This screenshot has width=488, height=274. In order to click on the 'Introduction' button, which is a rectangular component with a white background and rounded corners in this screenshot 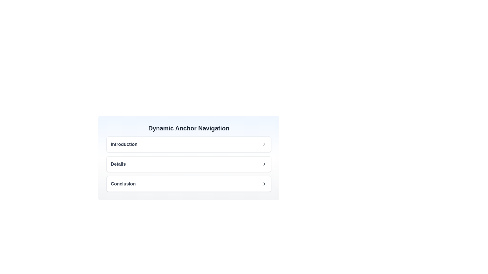, I will do `click(189, 144)`.